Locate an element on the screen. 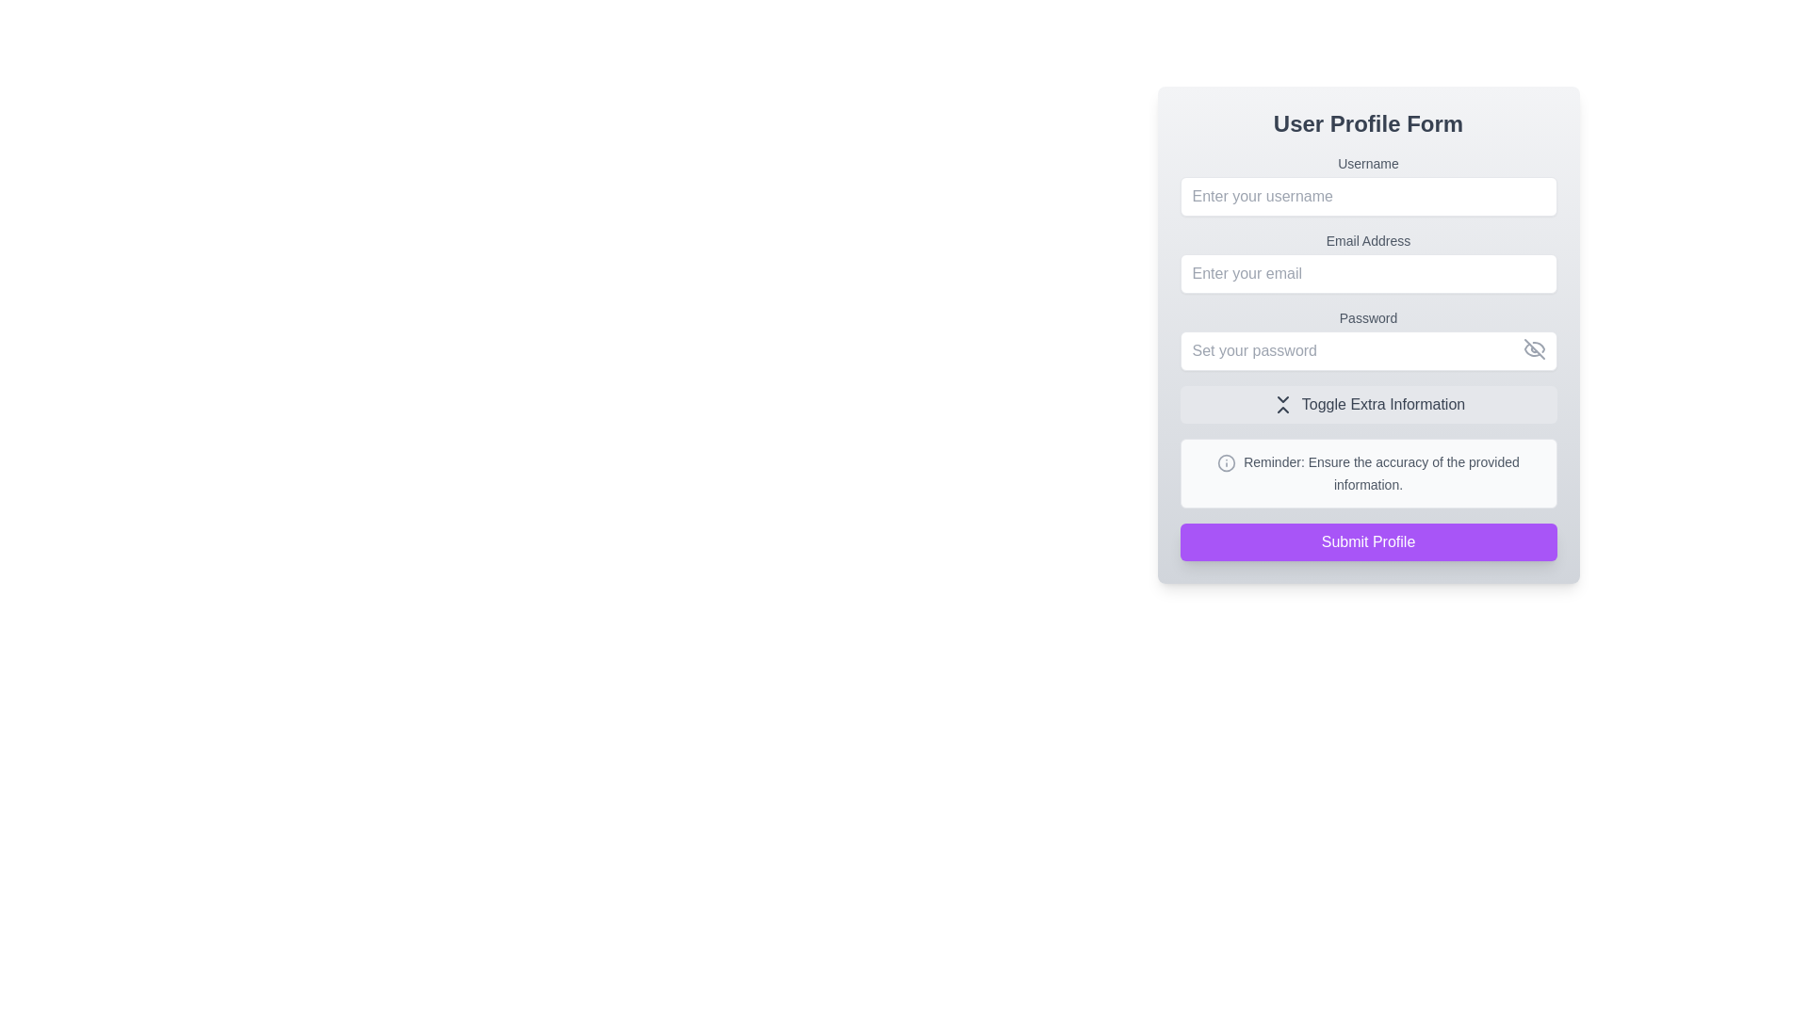  the informational icon located at the start of the reminder box with a gray background, positioned above the 'Submit Profile' button is located at coordinates (1227, 462).